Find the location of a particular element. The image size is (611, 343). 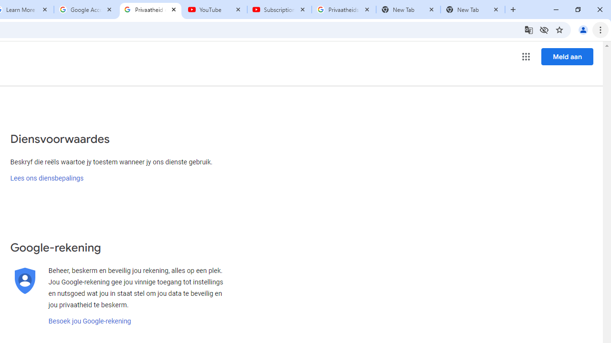

'Subscriptions - YouTube' is located at coordinates (279, 10).